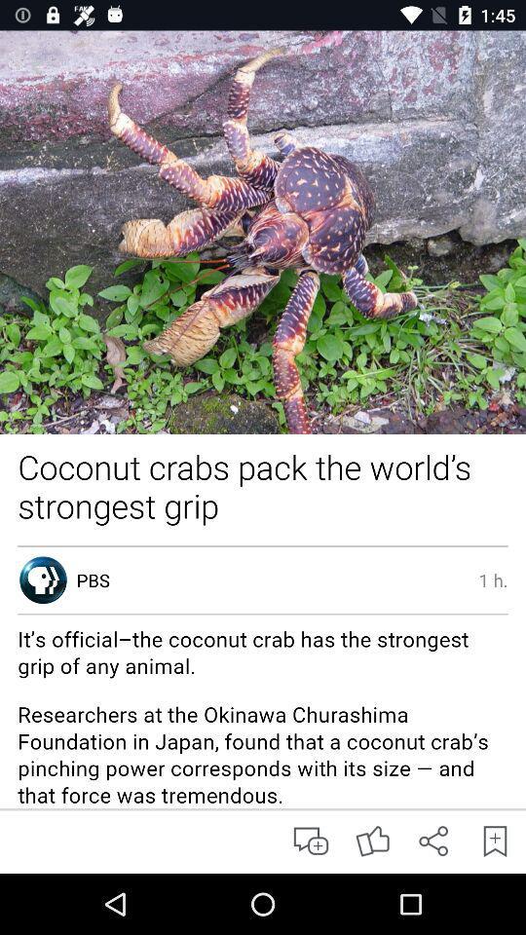  I want to click on the bookmark icon, so click(495, 839).